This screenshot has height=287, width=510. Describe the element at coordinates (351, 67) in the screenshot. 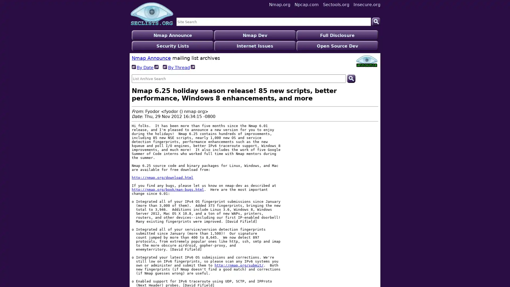

I see `Search` at that location.